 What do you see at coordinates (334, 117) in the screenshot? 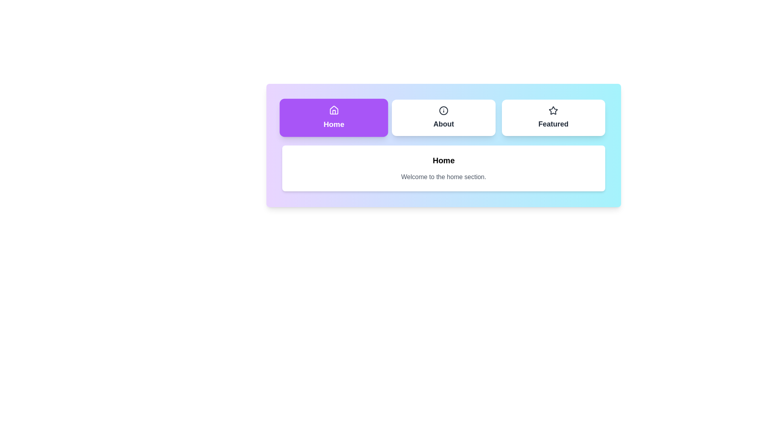
I see `the Home tab to switch to its view` at bounding box center [334, 117].